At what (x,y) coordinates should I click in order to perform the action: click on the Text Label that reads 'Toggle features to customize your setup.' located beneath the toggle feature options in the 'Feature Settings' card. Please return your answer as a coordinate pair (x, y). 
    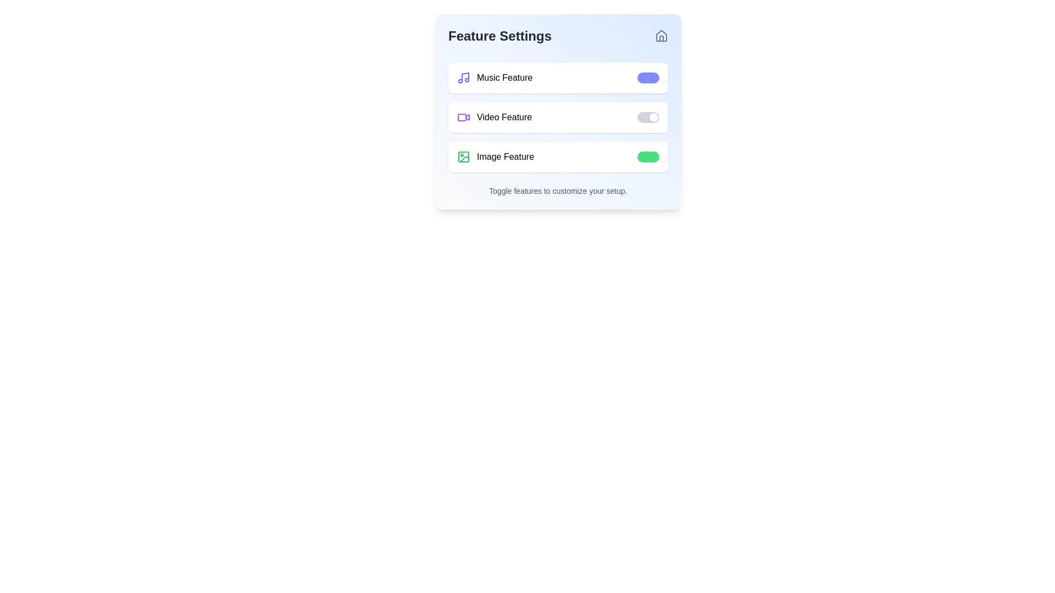
    Looking at the image, I should click on (558, 190).